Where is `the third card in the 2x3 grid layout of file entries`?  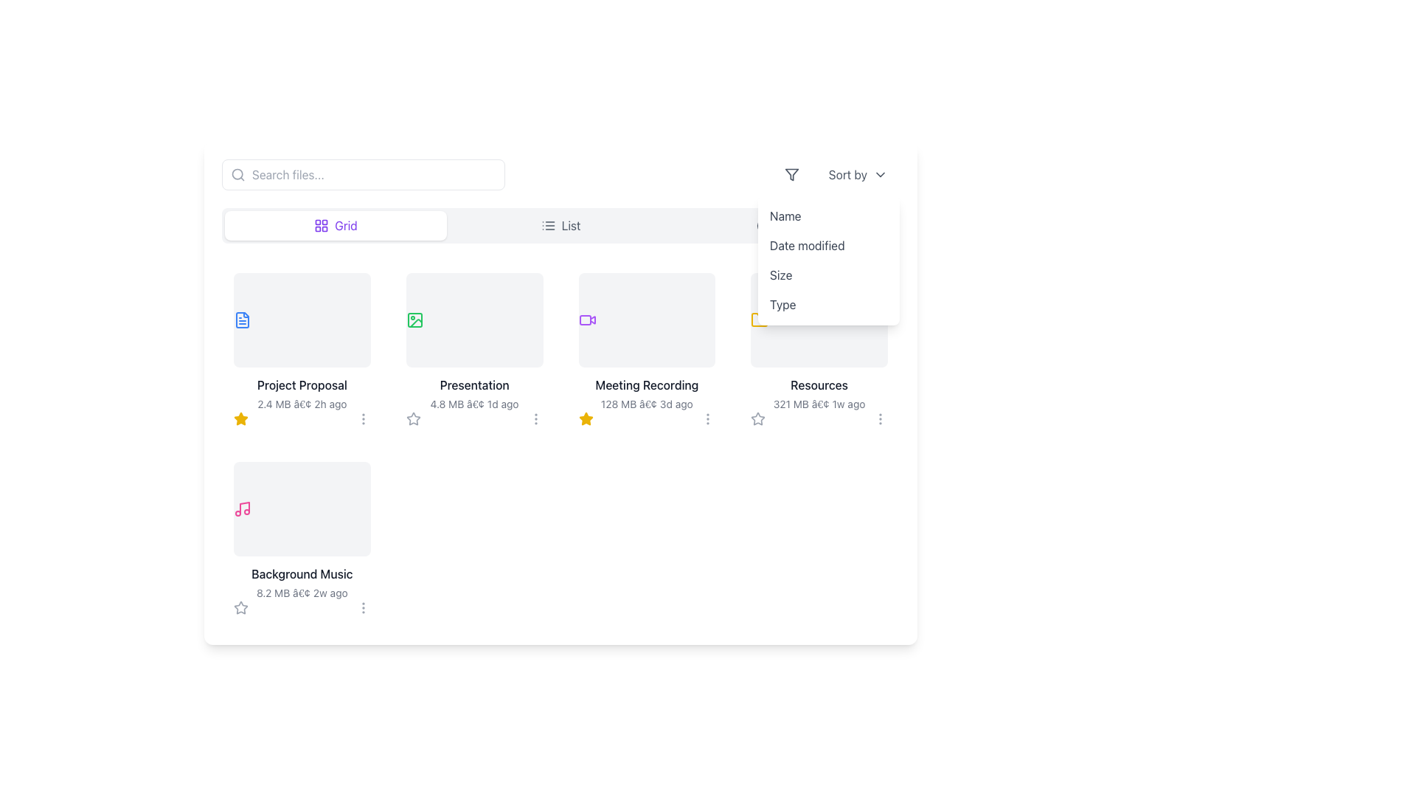
the third card in the 2x3 grid layout of file entries is located at coordinates (647, 350).